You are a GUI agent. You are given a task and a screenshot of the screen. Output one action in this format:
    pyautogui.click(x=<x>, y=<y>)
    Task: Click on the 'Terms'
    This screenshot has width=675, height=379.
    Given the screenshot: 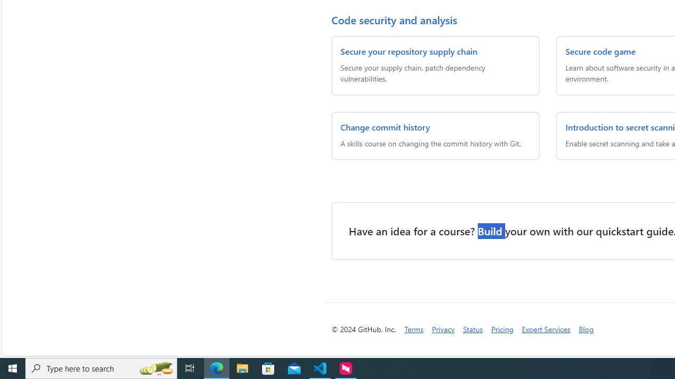 What is the action you would take?
    pyautogui.click(x=413, y=328)
    